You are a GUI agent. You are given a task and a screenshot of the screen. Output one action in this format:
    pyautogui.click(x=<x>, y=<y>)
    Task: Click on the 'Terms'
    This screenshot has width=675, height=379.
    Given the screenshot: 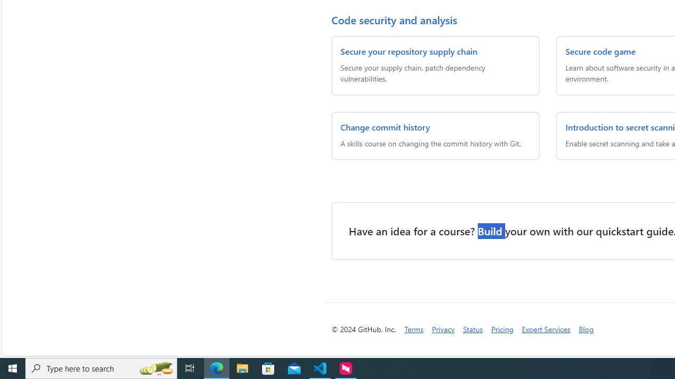 What is the action you would take?
    pyautogui.click(x=413, y=328)
    